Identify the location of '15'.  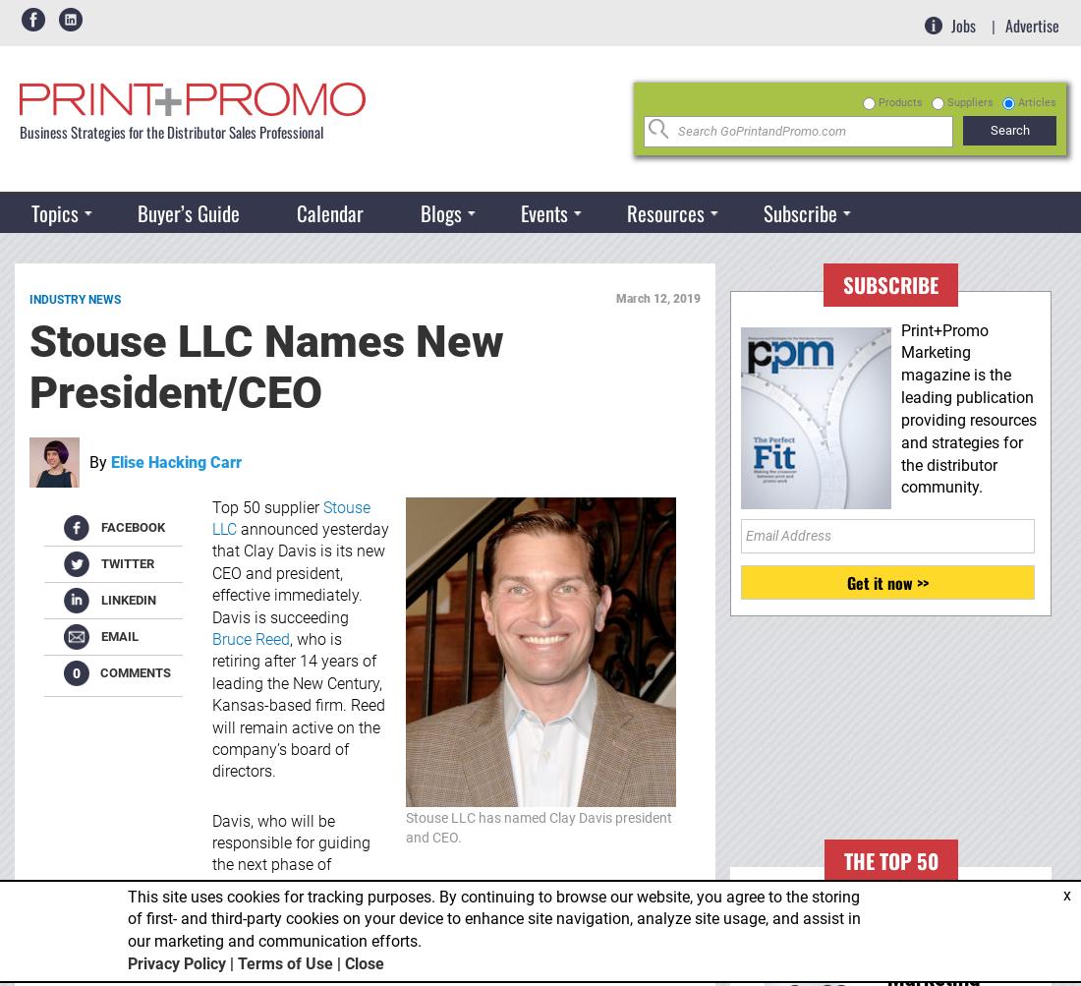
(541, 258).